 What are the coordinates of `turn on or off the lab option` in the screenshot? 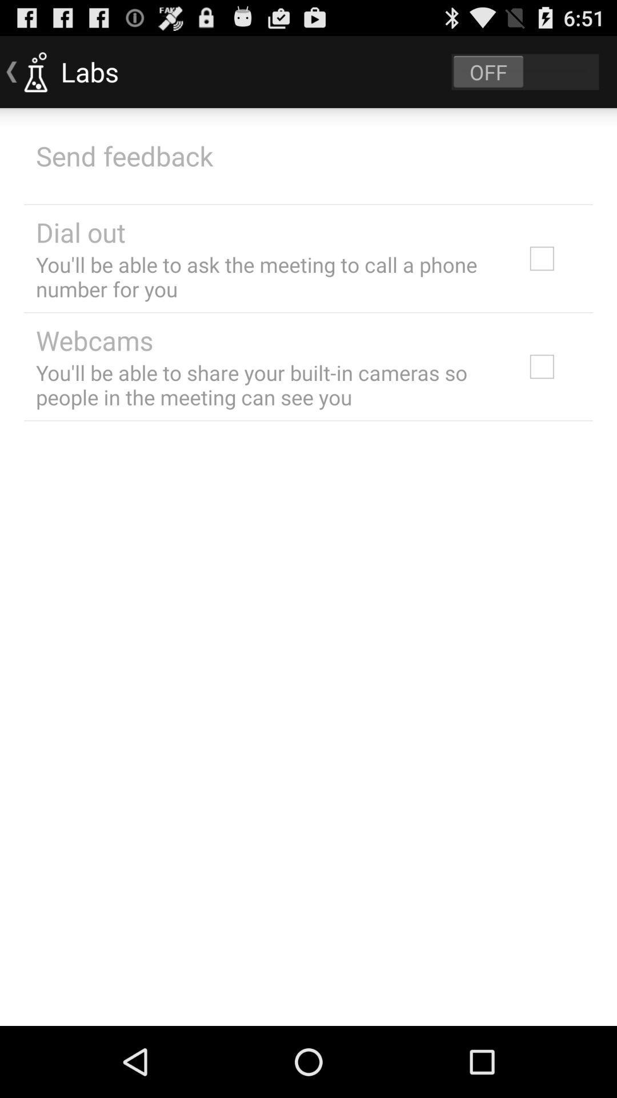 It's located at (525, 71).